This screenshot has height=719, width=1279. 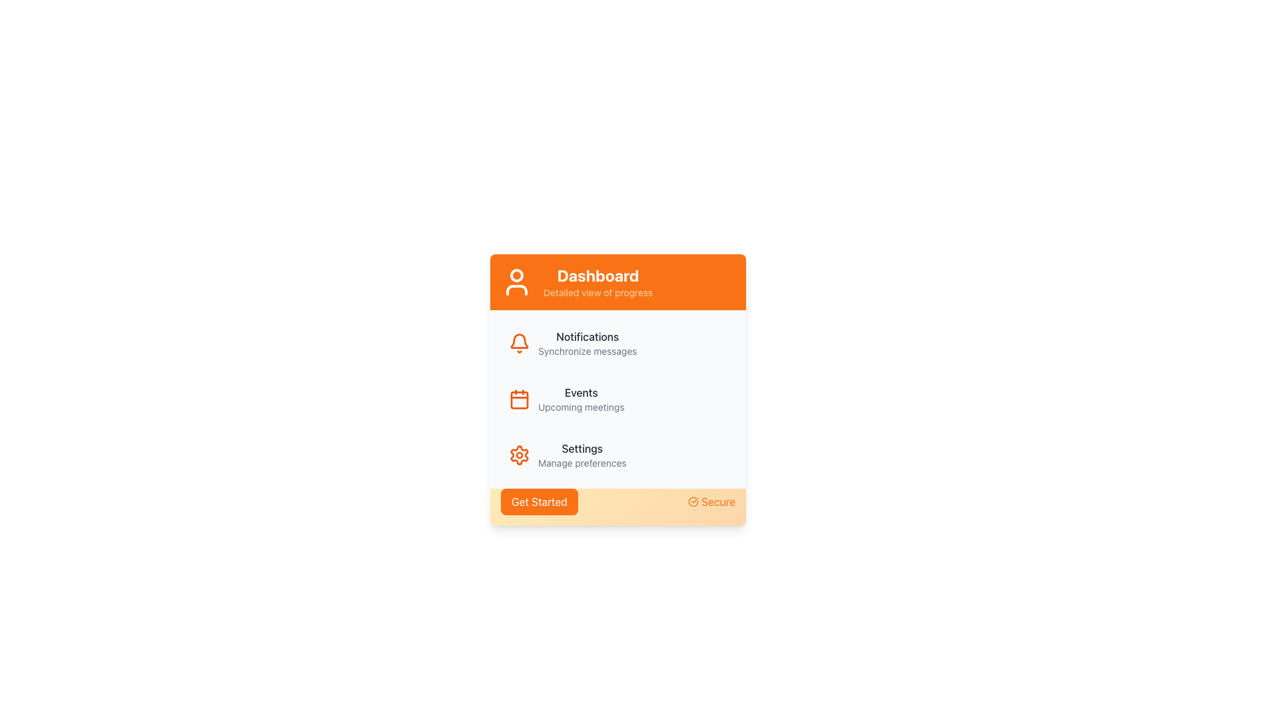 I want to click on the second item in the vertical list of three items on the dashboard, which is located in the gray area and follows the 'Notifications' item, to interact or navigate, so click(x=617, y=399).